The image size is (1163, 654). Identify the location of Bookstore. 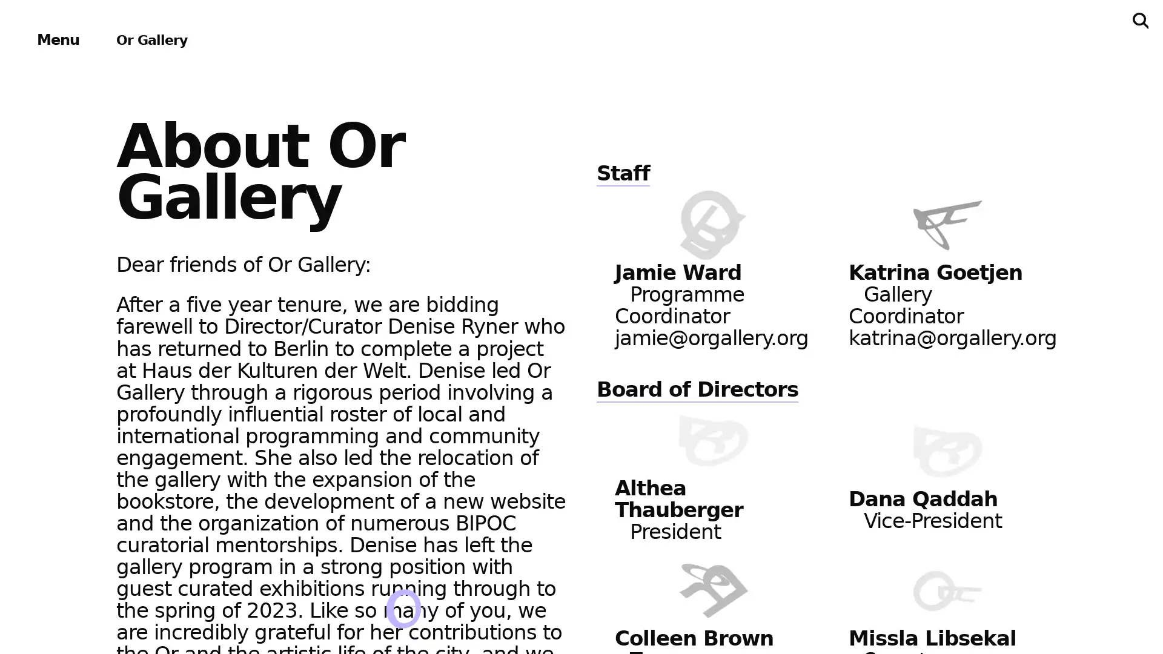
(263, 342).